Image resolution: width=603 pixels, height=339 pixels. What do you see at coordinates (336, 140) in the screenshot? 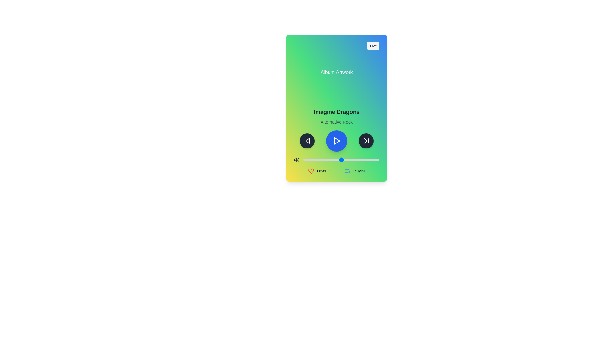
I see `the play button icon located at the bottom-center of the card` at bounding box center [336, 140].